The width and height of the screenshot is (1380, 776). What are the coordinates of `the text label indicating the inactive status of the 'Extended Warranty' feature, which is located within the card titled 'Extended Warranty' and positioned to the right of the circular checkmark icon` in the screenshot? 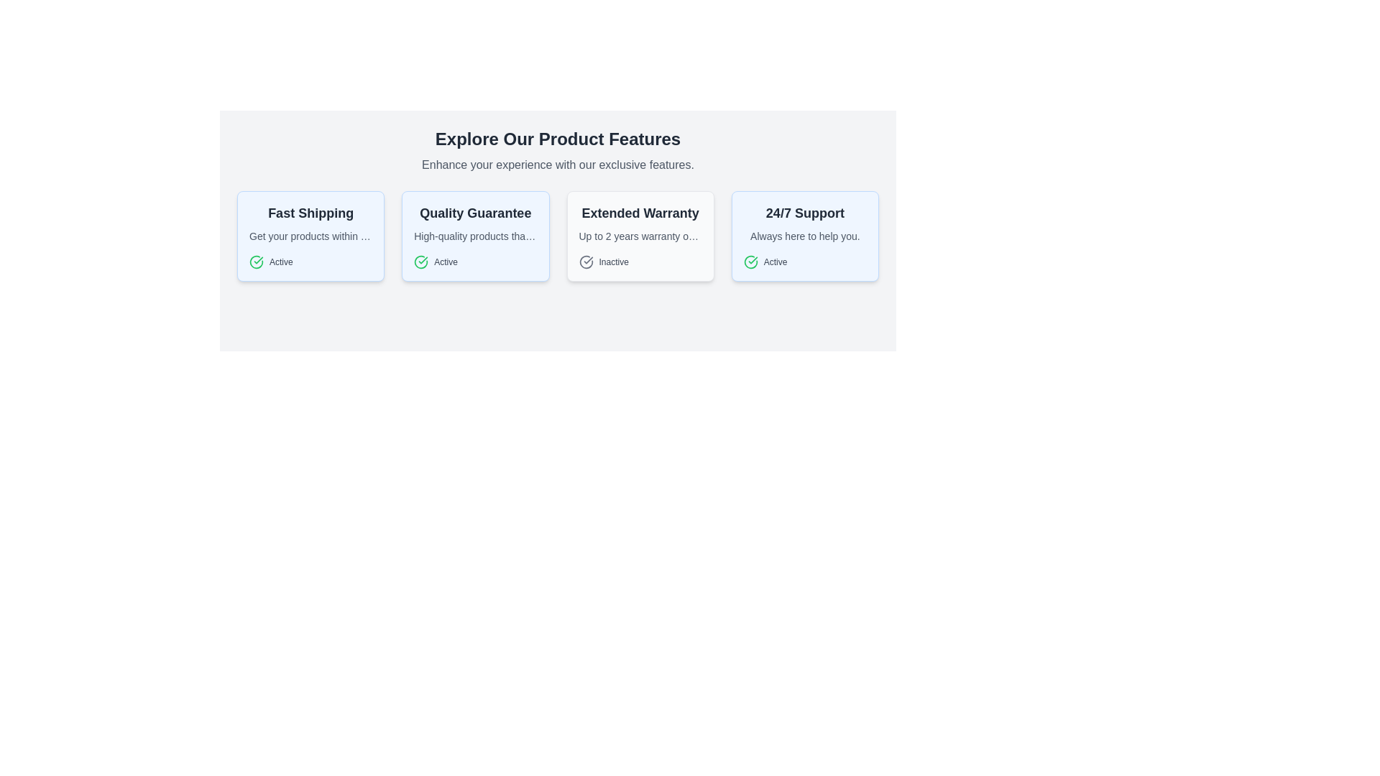 It's located at (614, 262).